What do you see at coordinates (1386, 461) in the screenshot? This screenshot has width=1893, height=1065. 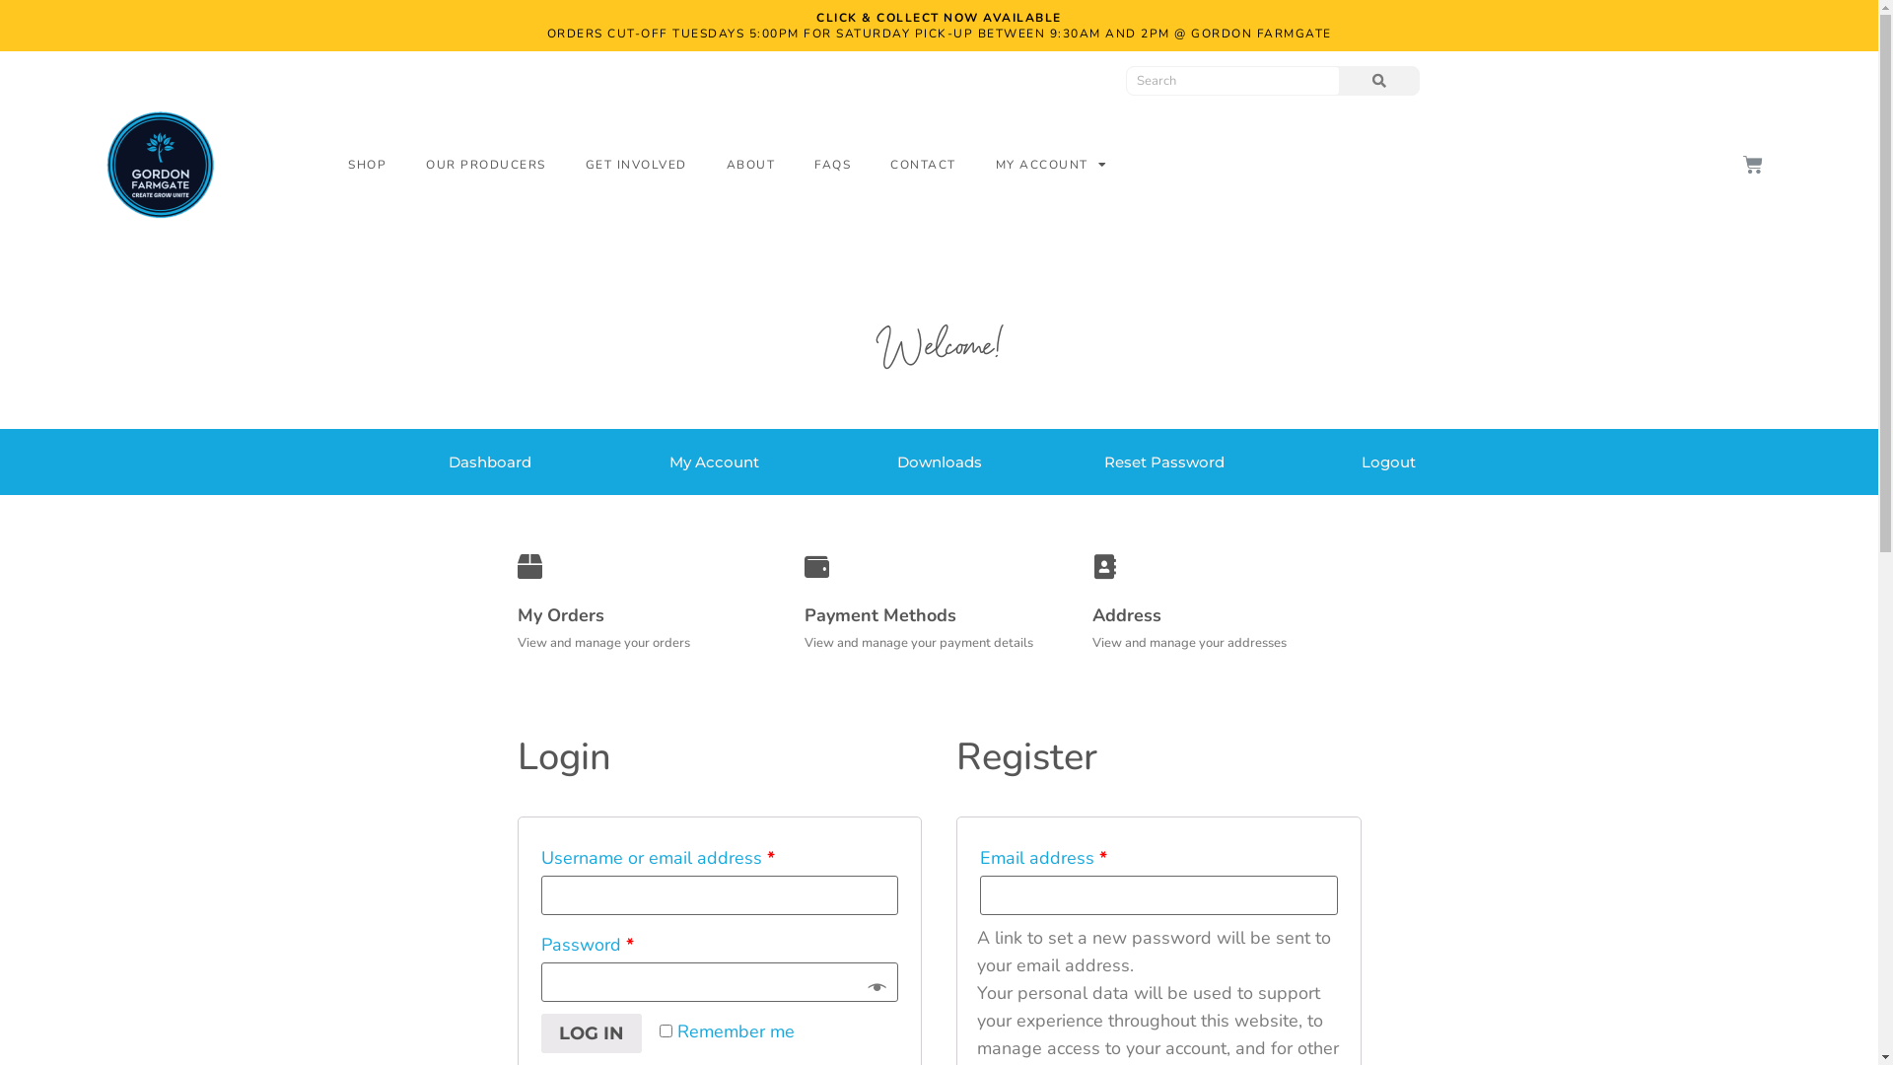 I see `'Logout'` at bounding box center [1386, 461].